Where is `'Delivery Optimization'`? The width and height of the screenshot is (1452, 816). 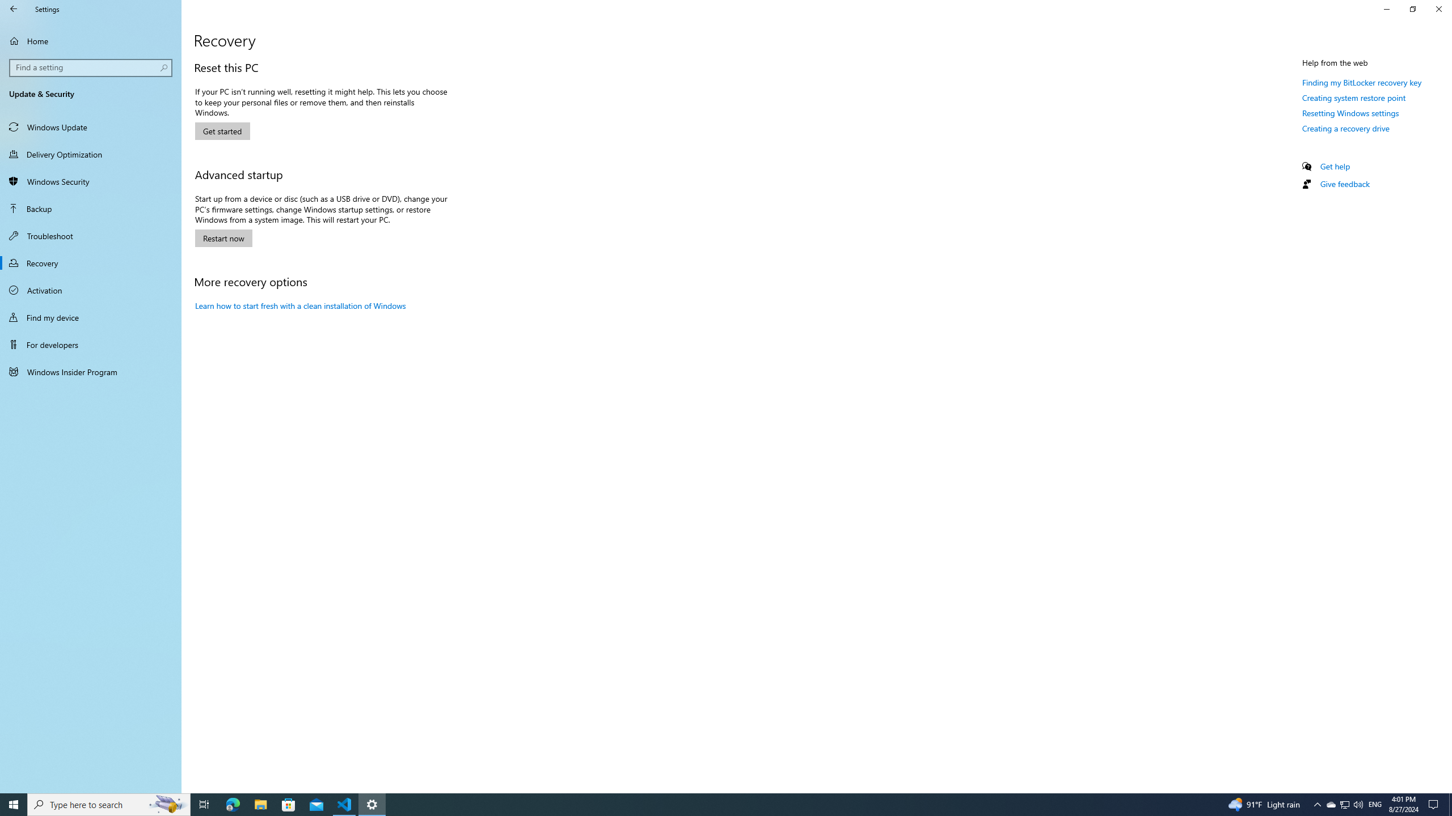
'Delivery Optimization' is located at coordinates (90, 154).